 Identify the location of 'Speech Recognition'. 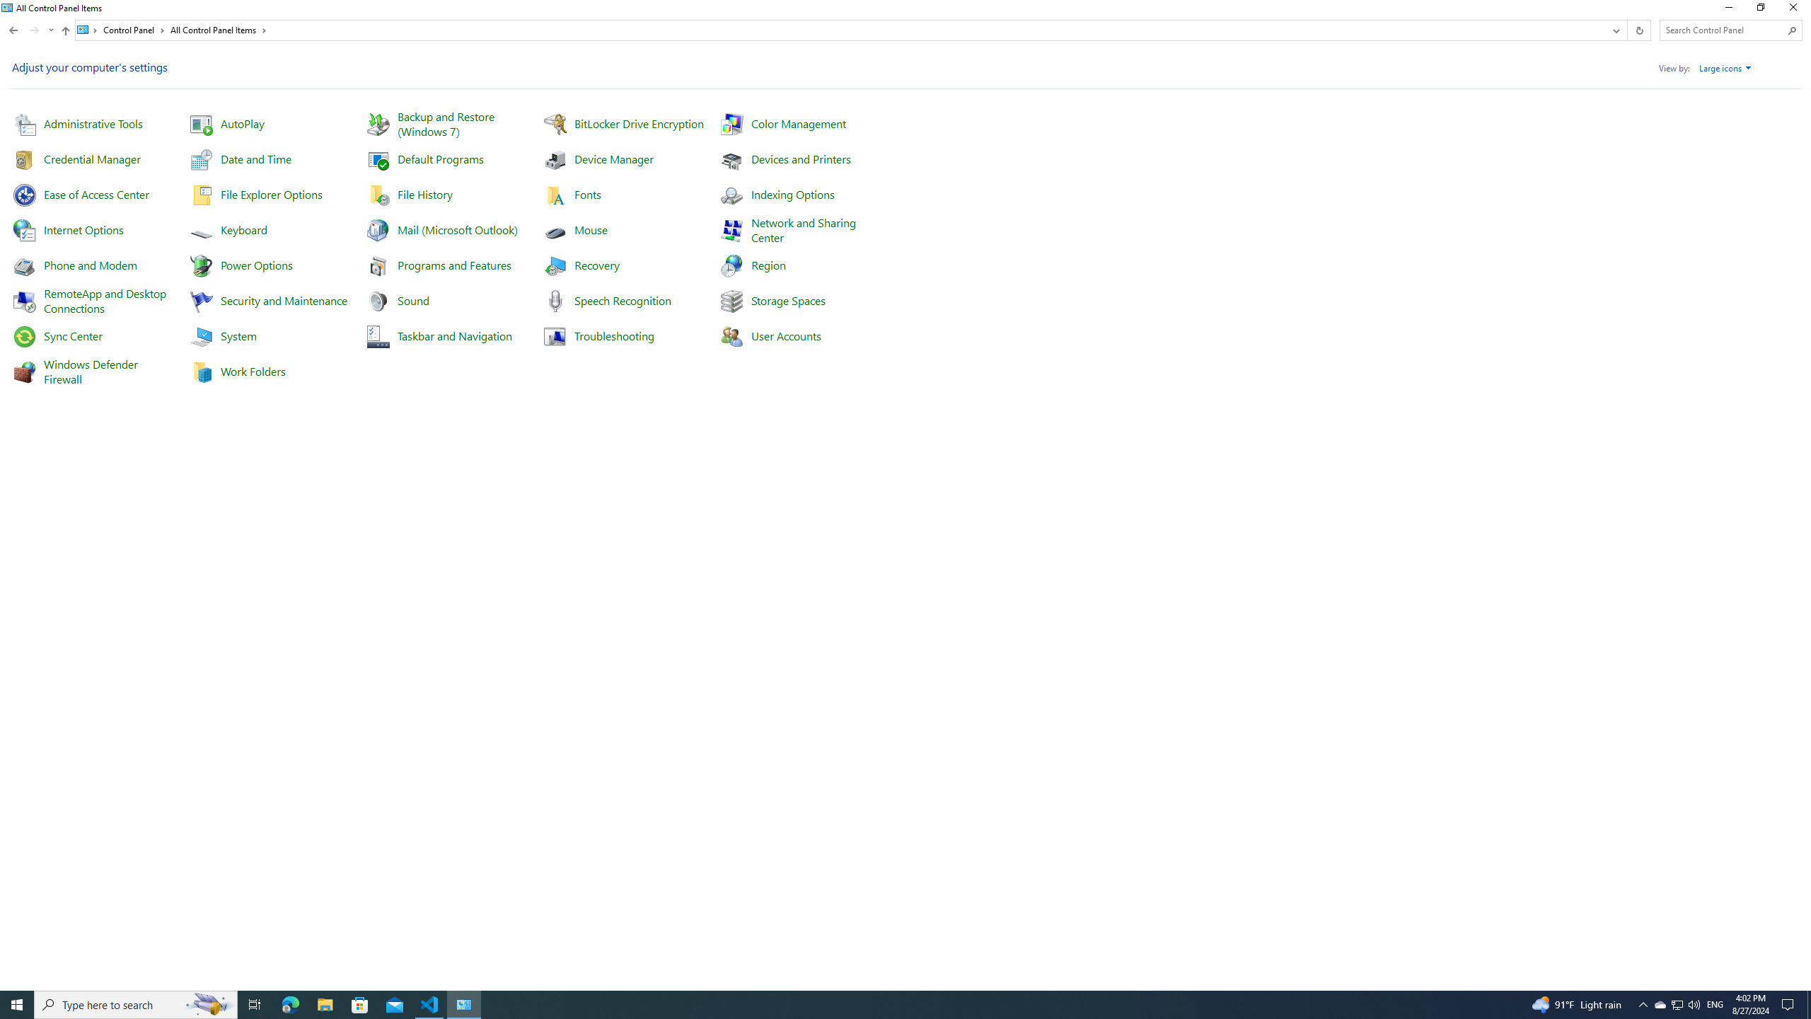
(622, 300).